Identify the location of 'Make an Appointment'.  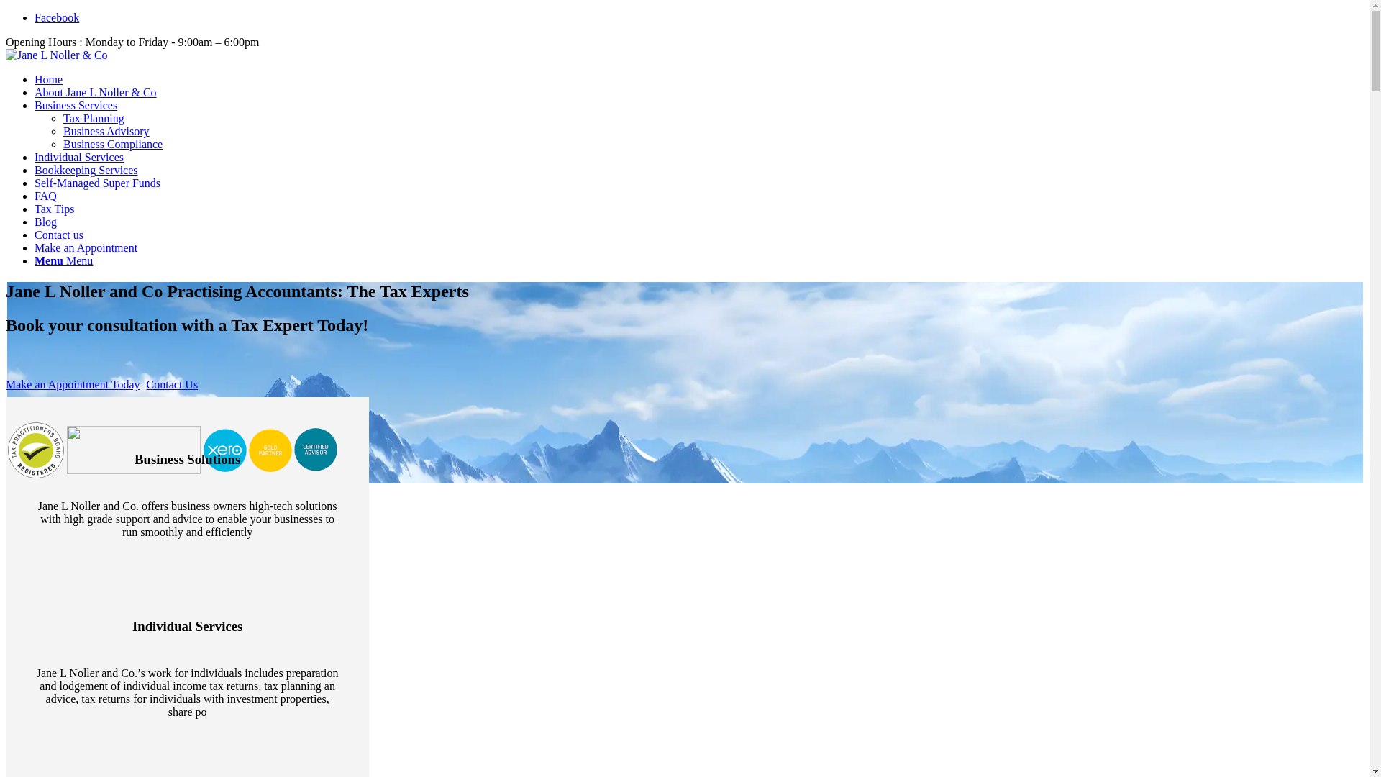
(85, 247).